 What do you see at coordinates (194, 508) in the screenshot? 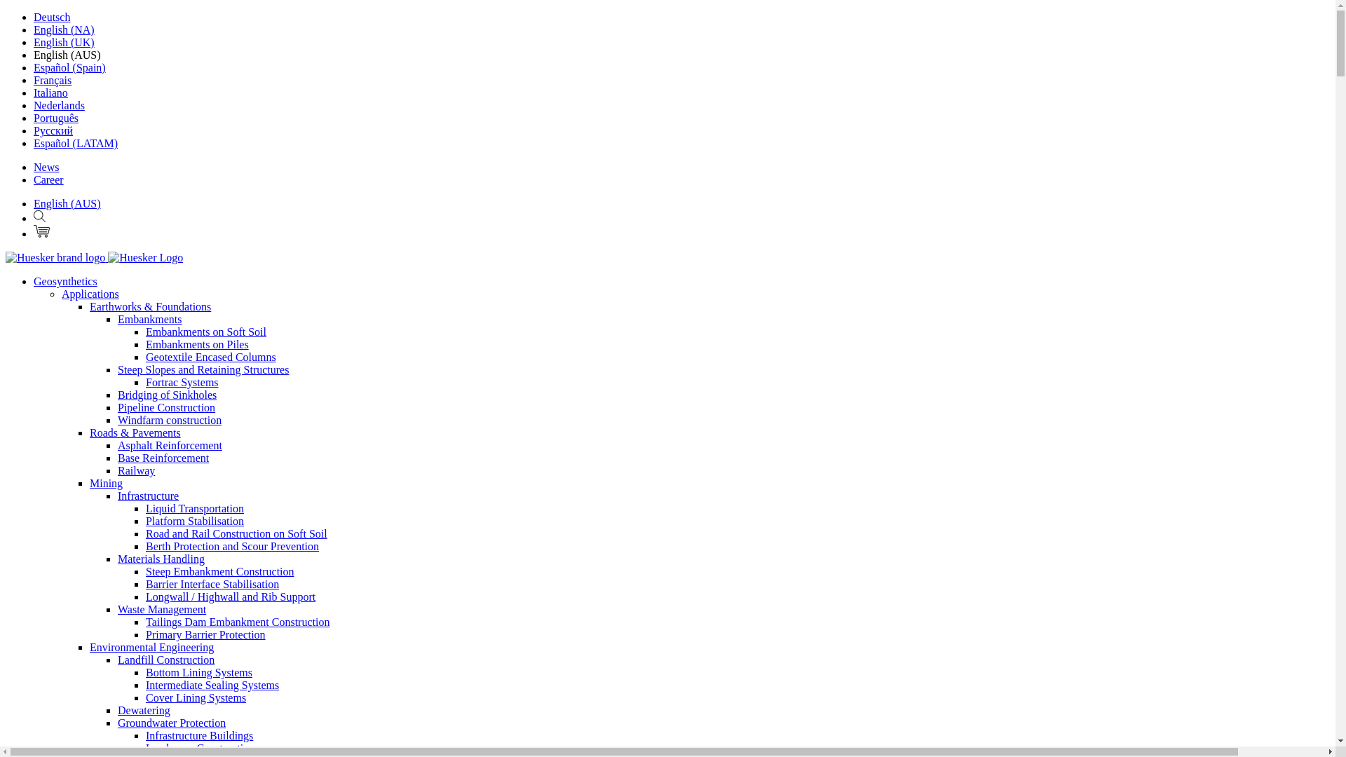
I see `'Liquid Transportation'` at bounding box center [194, 508].